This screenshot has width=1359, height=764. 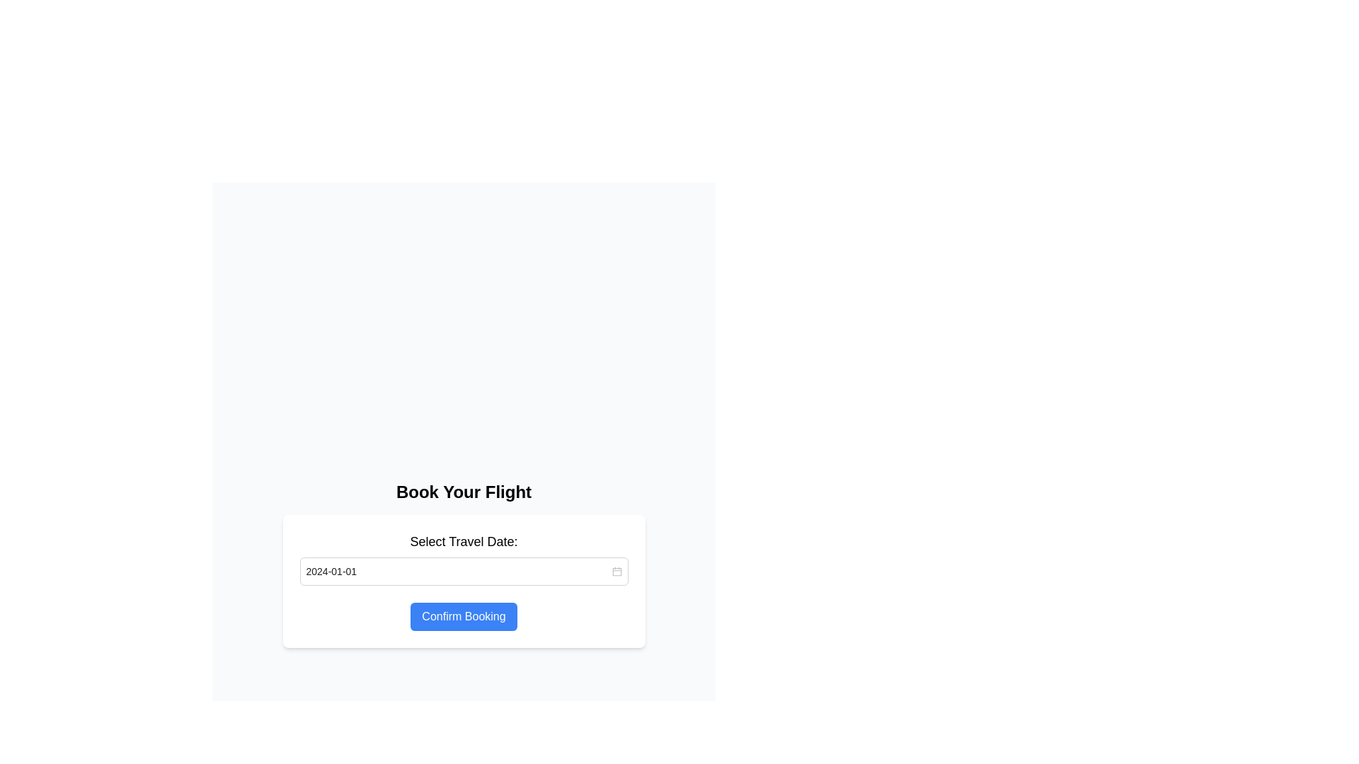 I want to click on the 'Confirm Booking' button, which is a rectangular button with a blue background and white text, located below the 'Select Travel Date' input field, so click(x=464, y=615).